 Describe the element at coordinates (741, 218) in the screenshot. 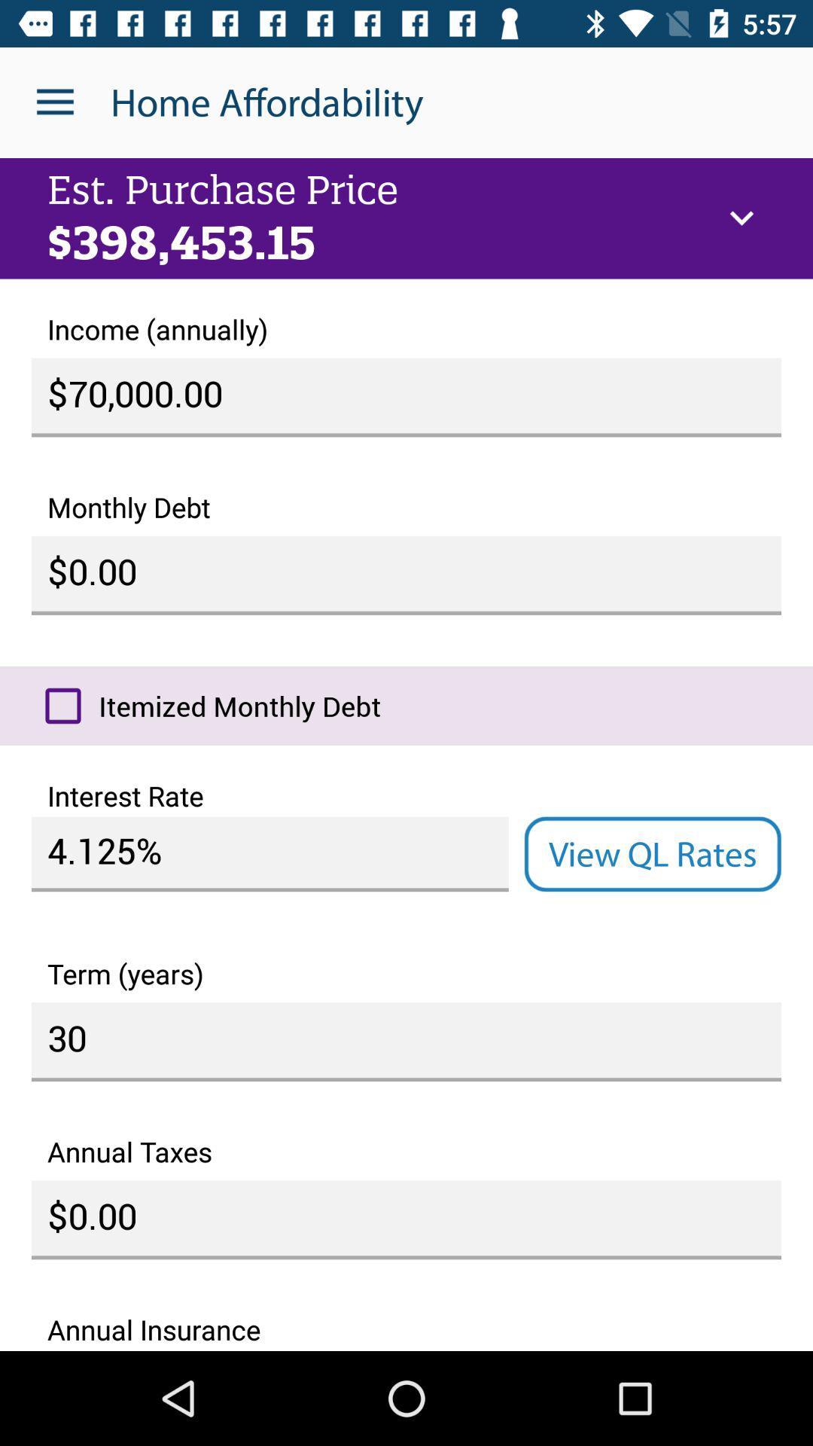

I see `the icon at the top right corner` at that location.